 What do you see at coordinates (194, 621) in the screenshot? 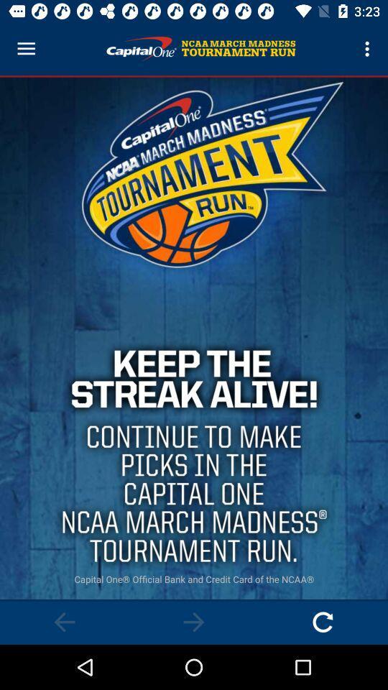
I see `go forward` at bounding box center [194, 621].